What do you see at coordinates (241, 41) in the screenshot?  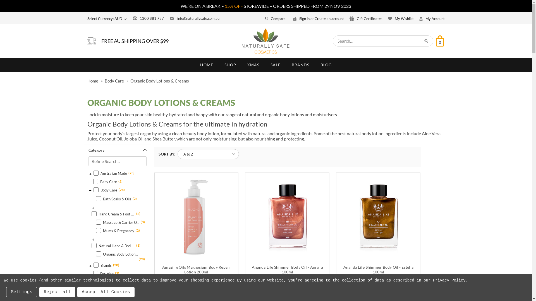 I see `'Naturally Safe Cosmetics'` at bounding box center [241, 41].